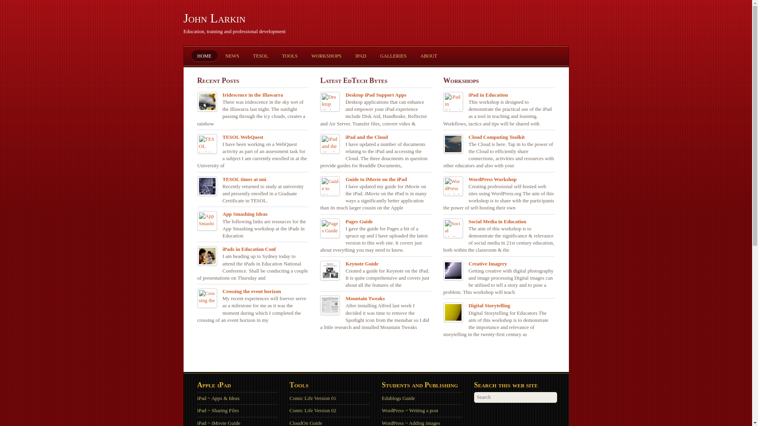  I want to click on 'ABOUT', so click(428, 56).